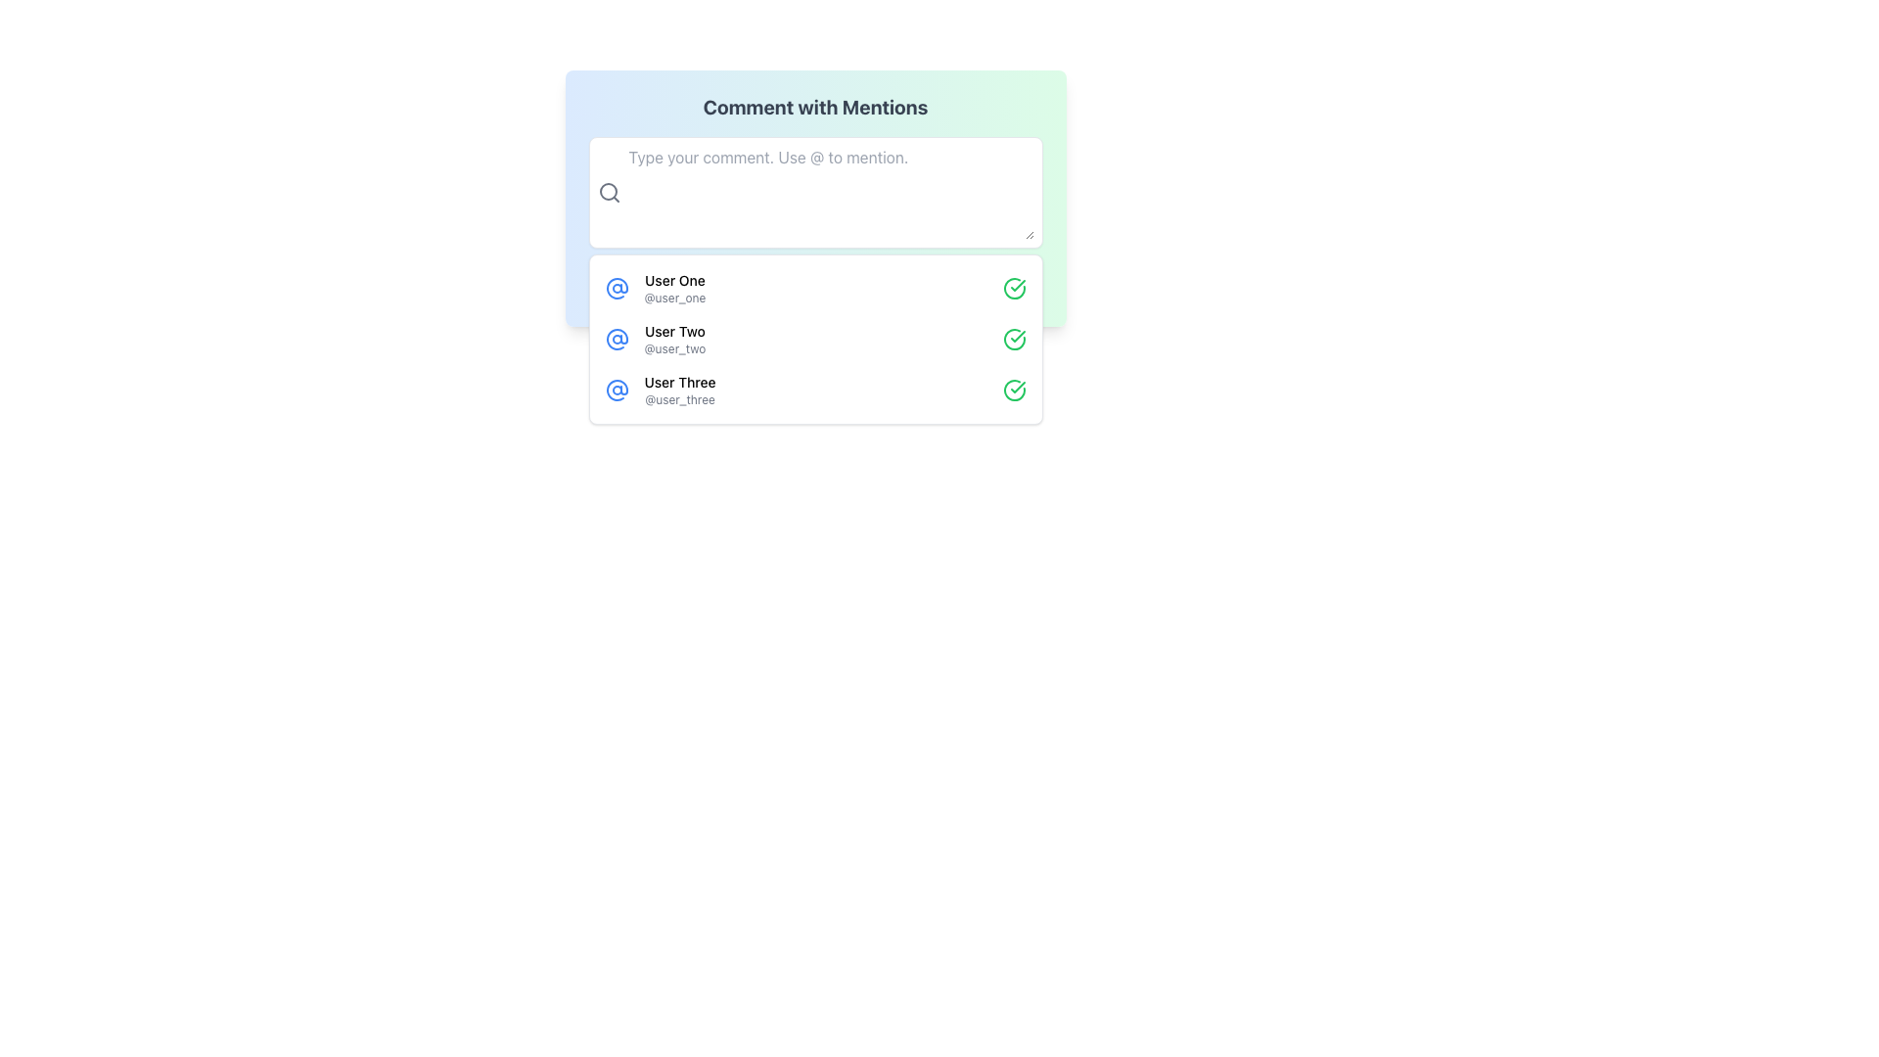 This screenshot has height=1057, width=1879. I want to click on the 'User Two' text label, which is the second entry in a list of selectable items within a modal or dropdown, so click(674, 331).